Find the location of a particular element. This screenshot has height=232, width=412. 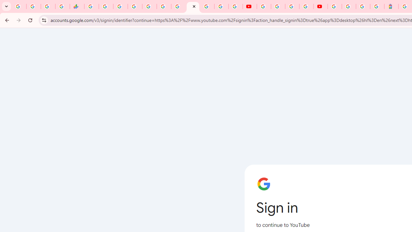

'Google Workspace Admin Community' is located at coordinates (19, 6).